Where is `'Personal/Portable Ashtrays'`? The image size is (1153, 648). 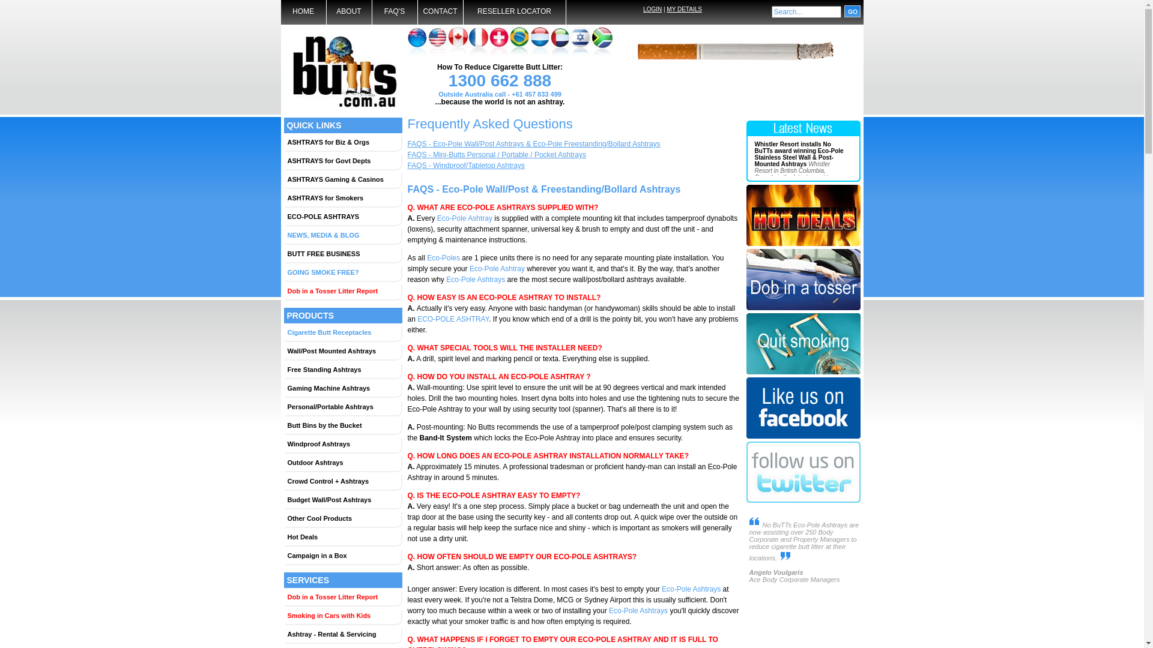
'Personal/Portable Ashtrays' is located at coordinates (284, 406).